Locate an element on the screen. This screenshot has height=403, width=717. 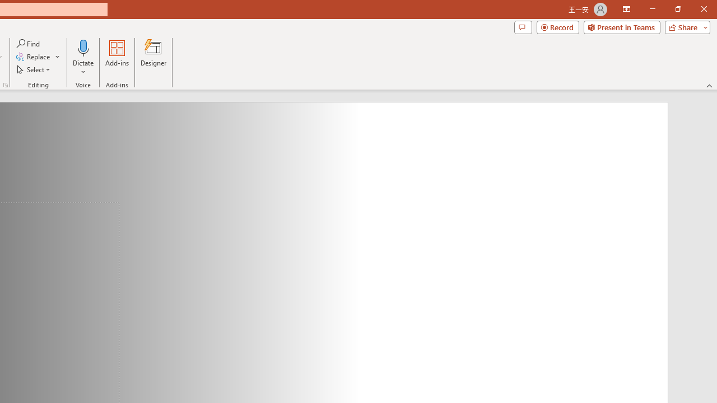
'Find...' is located at coordinates (29, 43).